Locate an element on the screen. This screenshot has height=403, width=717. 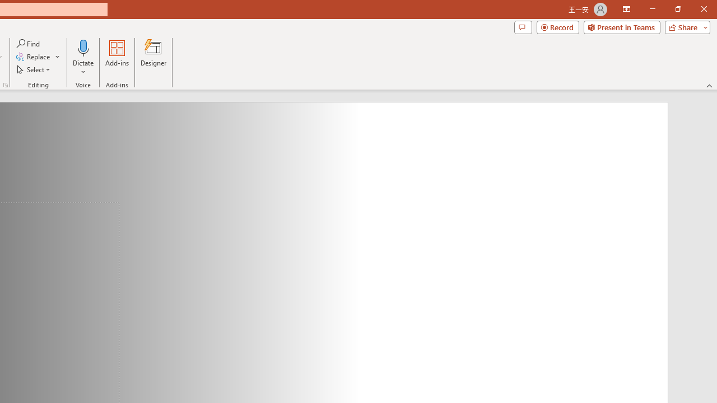
'Find...' is located at coordinates (29, 43).